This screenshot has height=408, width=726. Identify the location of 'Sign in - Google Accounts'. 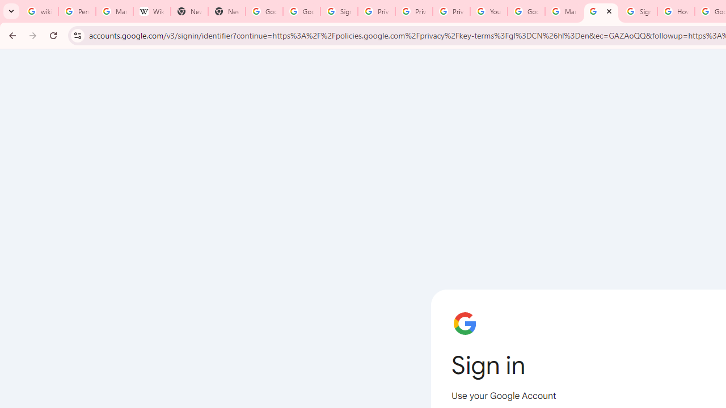
(600, 11).